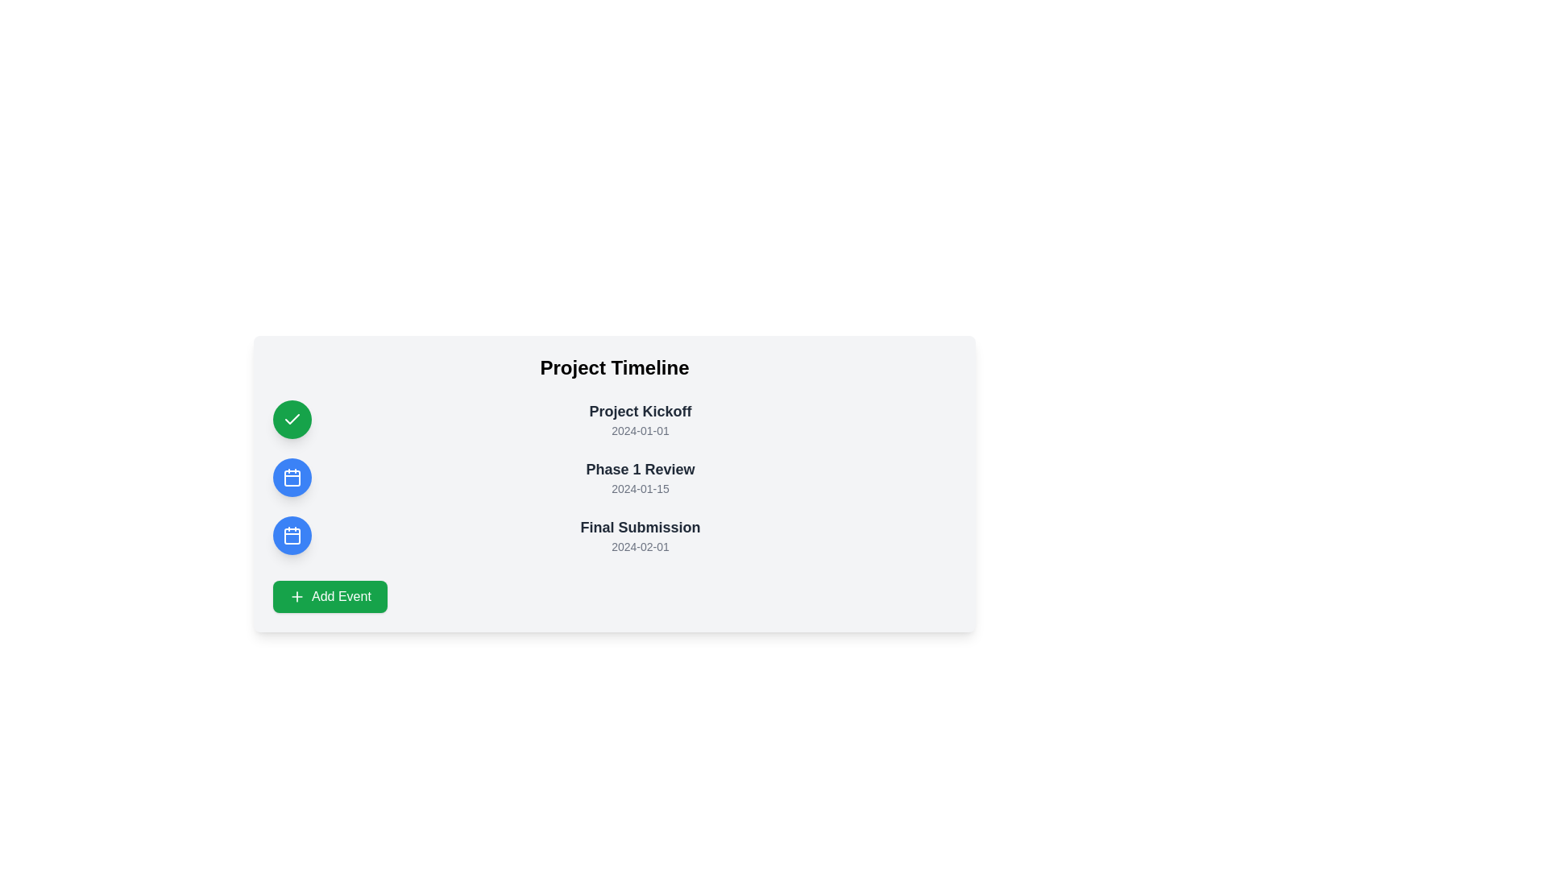  What do you see at coordinates (614, 477) in the screenshot?
I see `the 'Phase 1 Review' list item, which features a calendar icon and the date '2024-01-15'` at bounding box center [614, 477].